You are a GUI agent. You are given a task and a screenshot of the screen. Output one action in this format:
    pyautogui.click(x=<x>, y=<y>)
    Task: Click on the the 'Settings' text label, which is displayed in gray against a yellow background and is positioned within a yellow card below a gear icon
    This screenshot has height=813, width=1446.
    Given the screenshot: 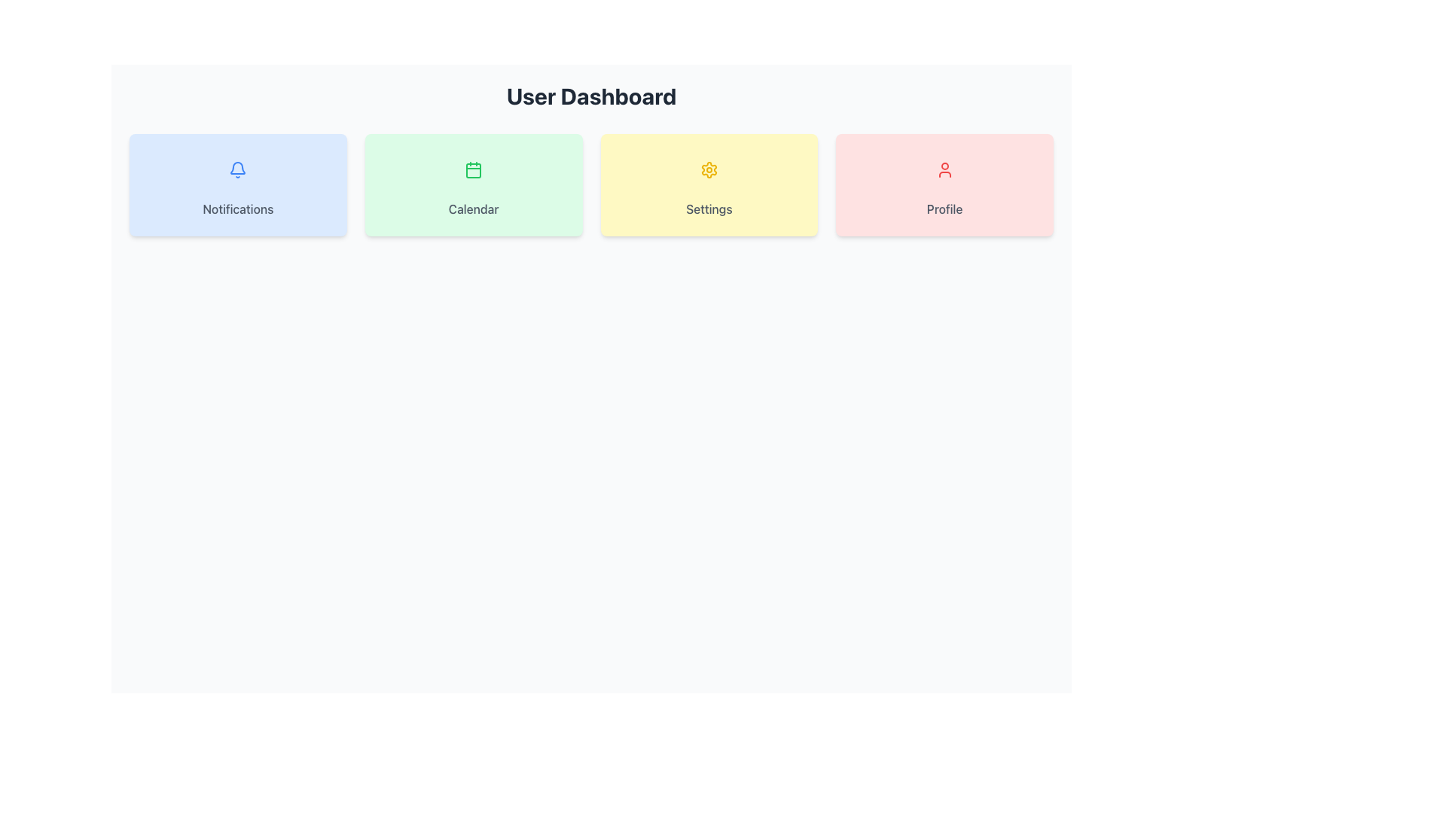 What is the action you would take?
    pyautogui.click(x=708, y=209)
    